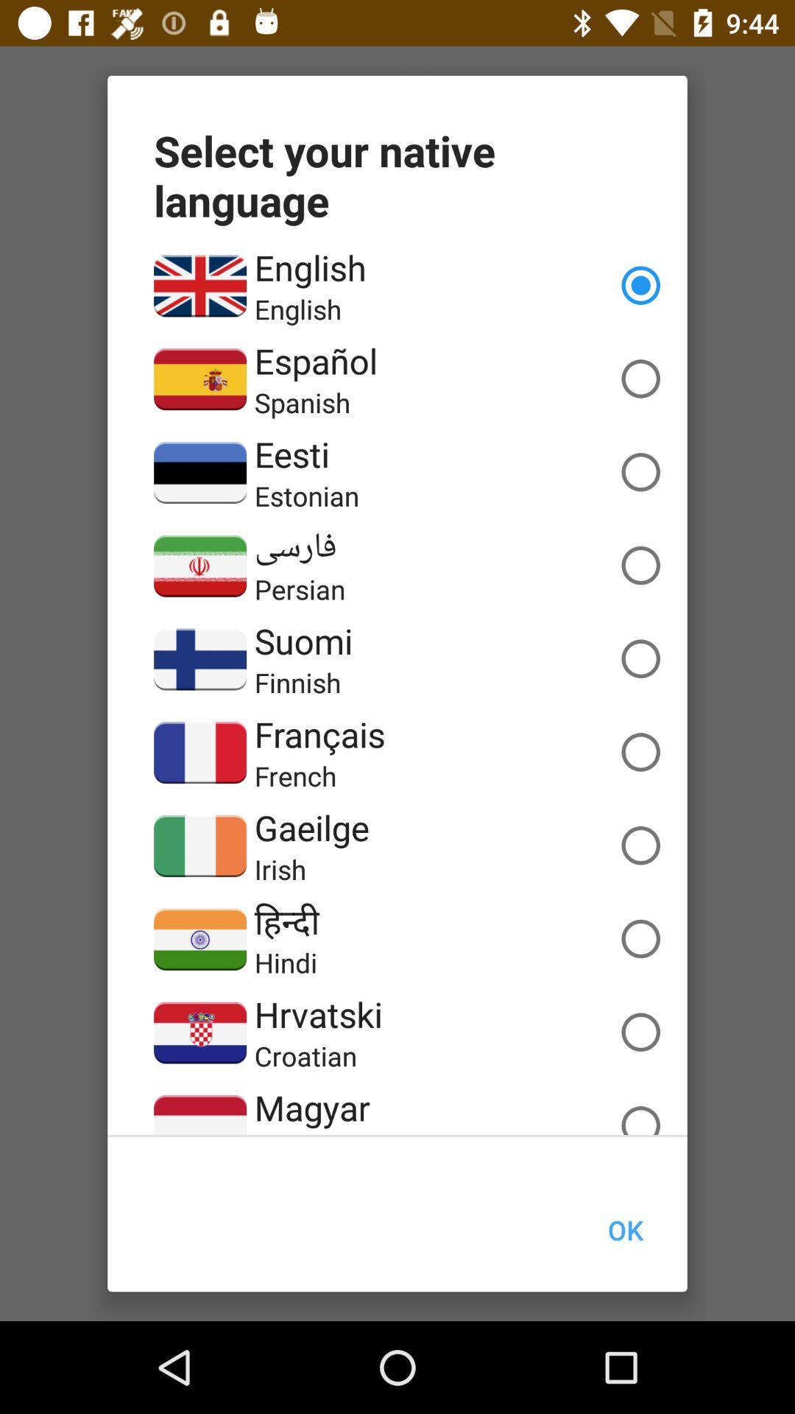 Image resolution: width=795 pixels, height=1414 pixels. What do you see at coordinates (295, 546) in the screenshot?
I see `icon above the persian` at bounding box center [295, 546].